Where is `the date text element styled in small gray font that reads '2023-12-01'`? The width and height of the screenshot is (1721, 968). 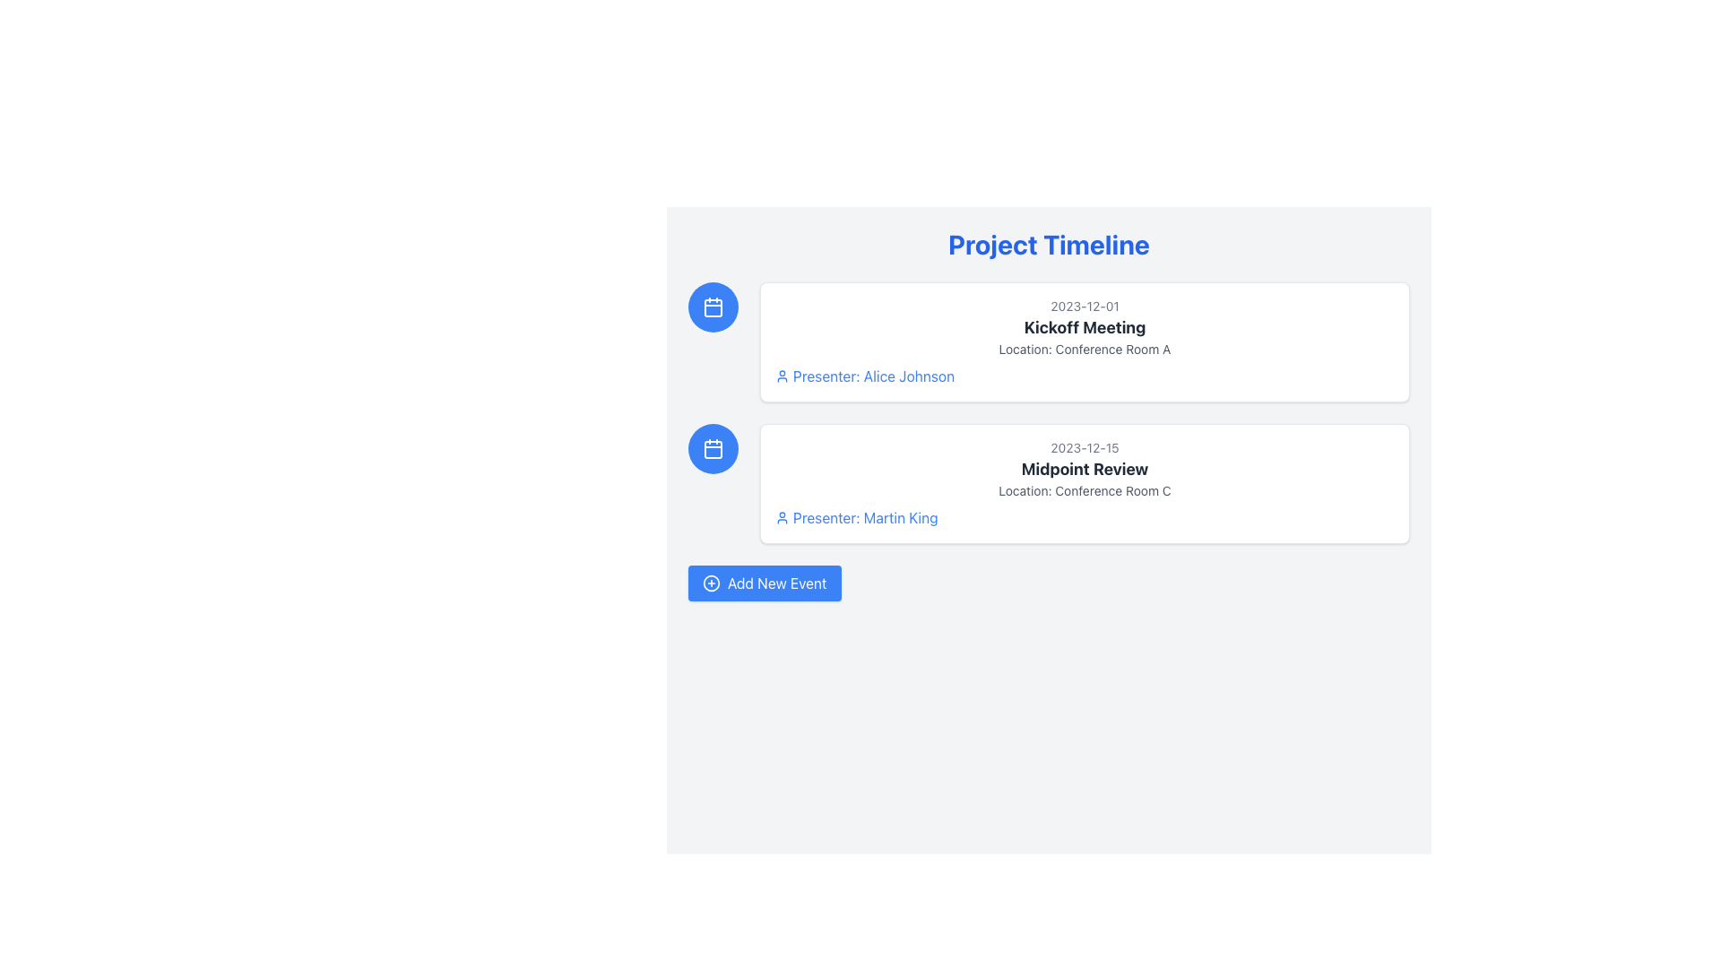
the date text element styled in small gray font that reads '2023-12-01' is located at coordinates (1084, 306).